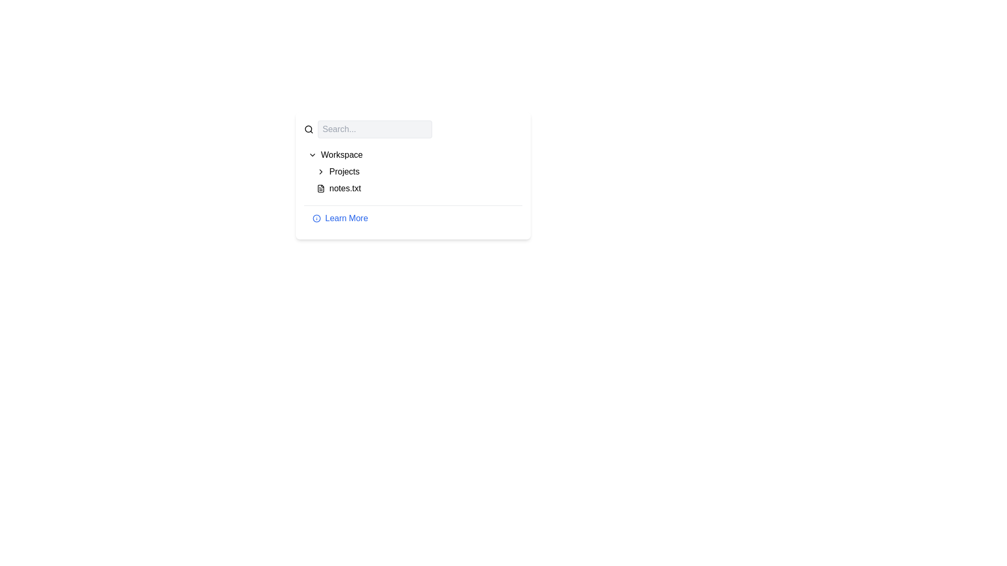  I want to click on the chevron icon indicating that the 'Projects' item can be expanded or navigated to, so click(320, 171).